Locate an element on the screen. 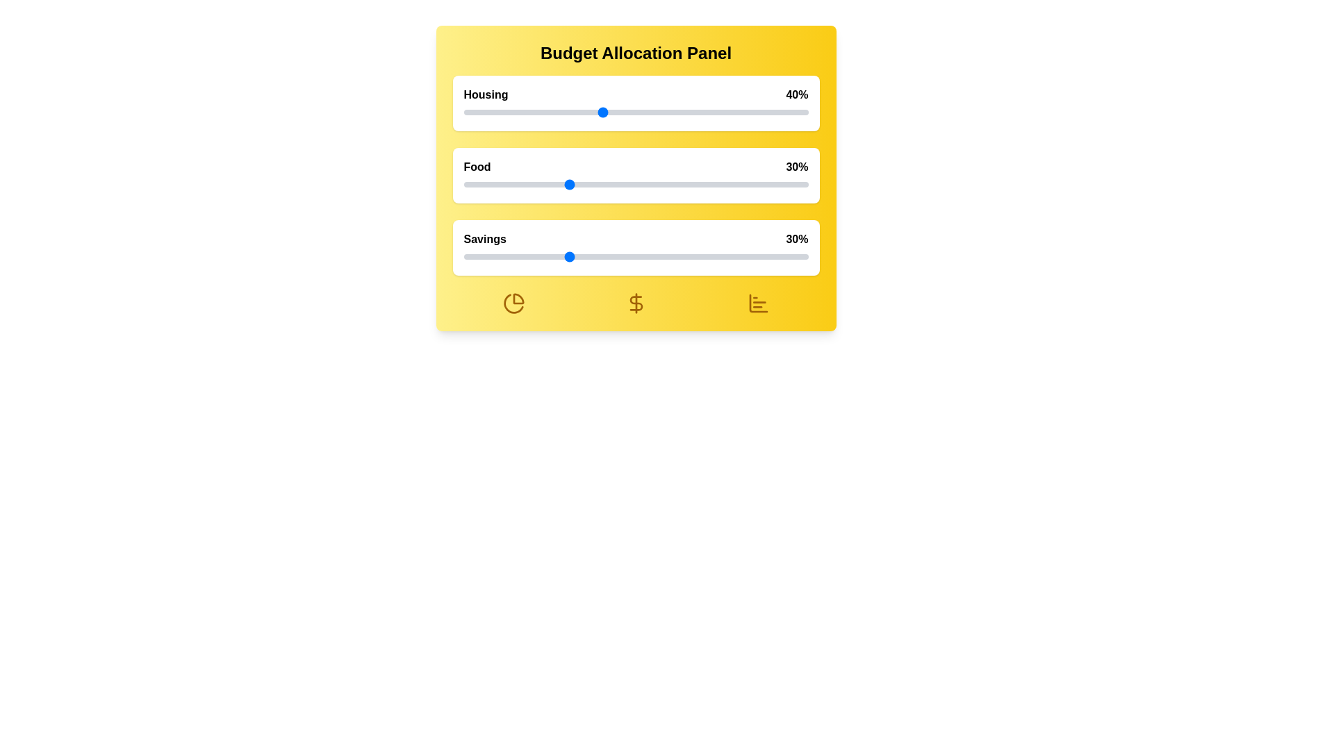 Image resolution: width=1334 pixels, height=750 pixels. the text label that displays the category 'Housing' and the percentage '40%', which is positioned at the top of the interface above the corresponding slider is located at coordinates (635, 94).